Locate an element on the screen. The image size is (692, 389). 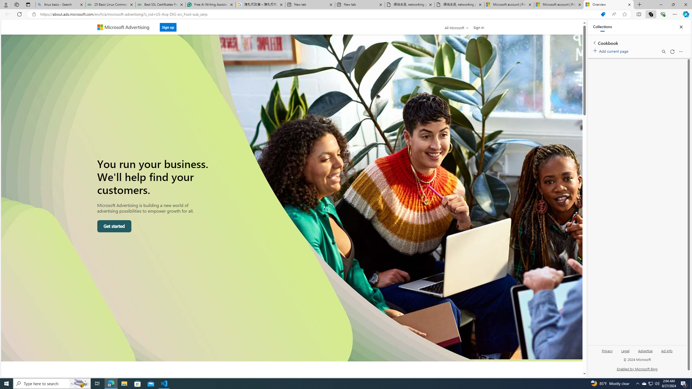
'More options menu' is located at coordinates (681, 52).